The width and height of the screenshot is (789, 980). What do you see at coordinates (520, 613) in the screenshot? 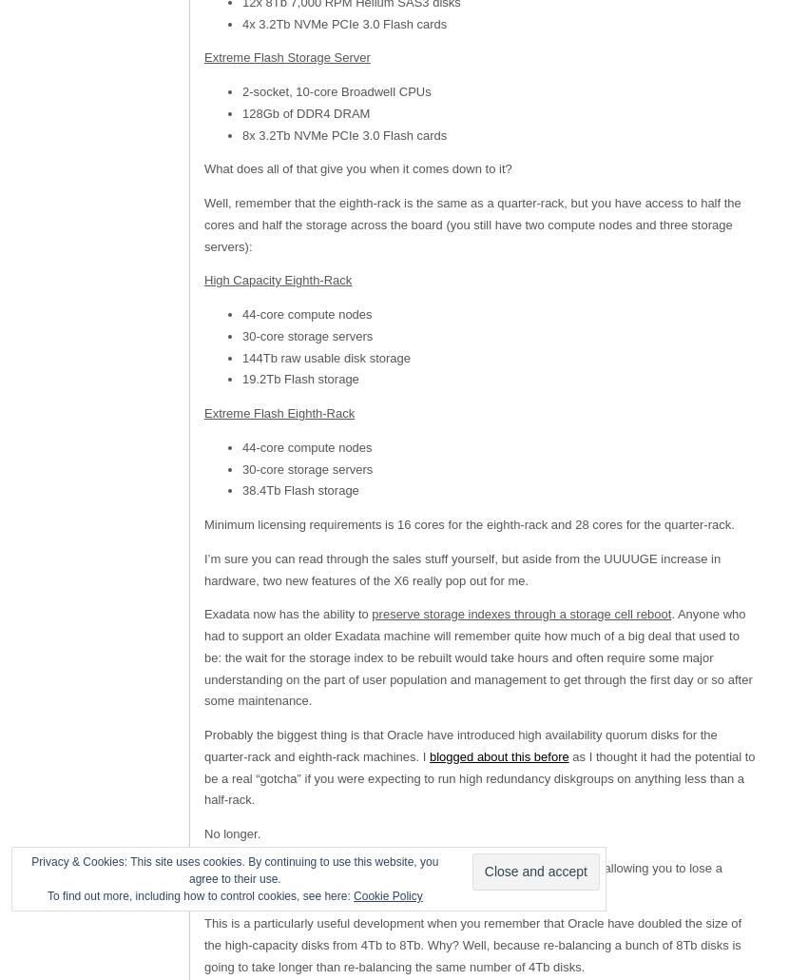
I see `'preserve storage indexes through a storage cell reboot'` at bounding box center [520, 613].